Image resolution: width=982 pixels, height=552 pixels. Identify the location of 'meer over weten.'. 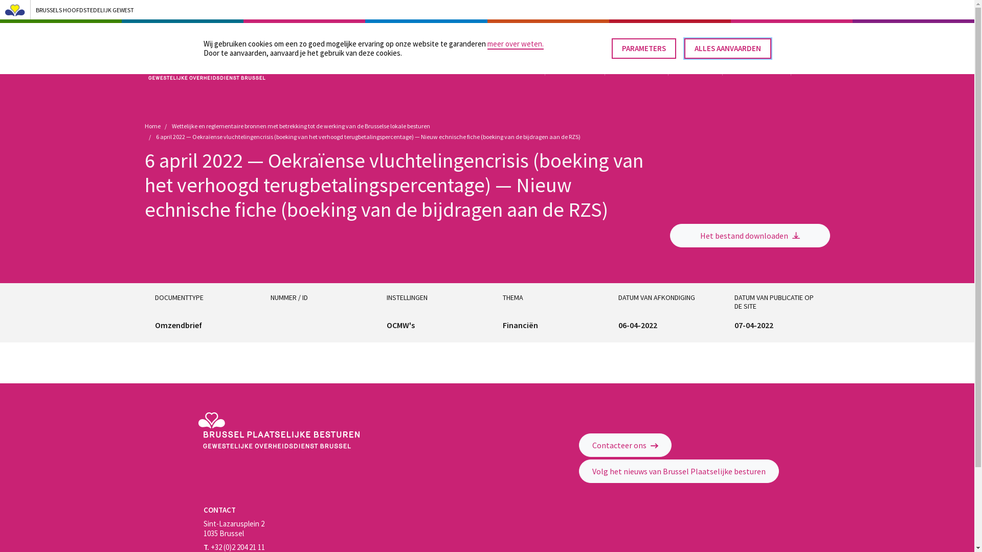
(515, 43).